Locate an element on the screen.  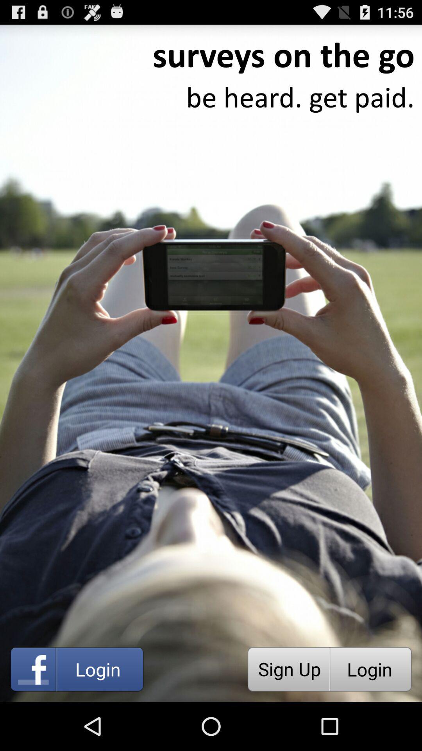
the item to the left of login button is located at coordinates (288, 669).